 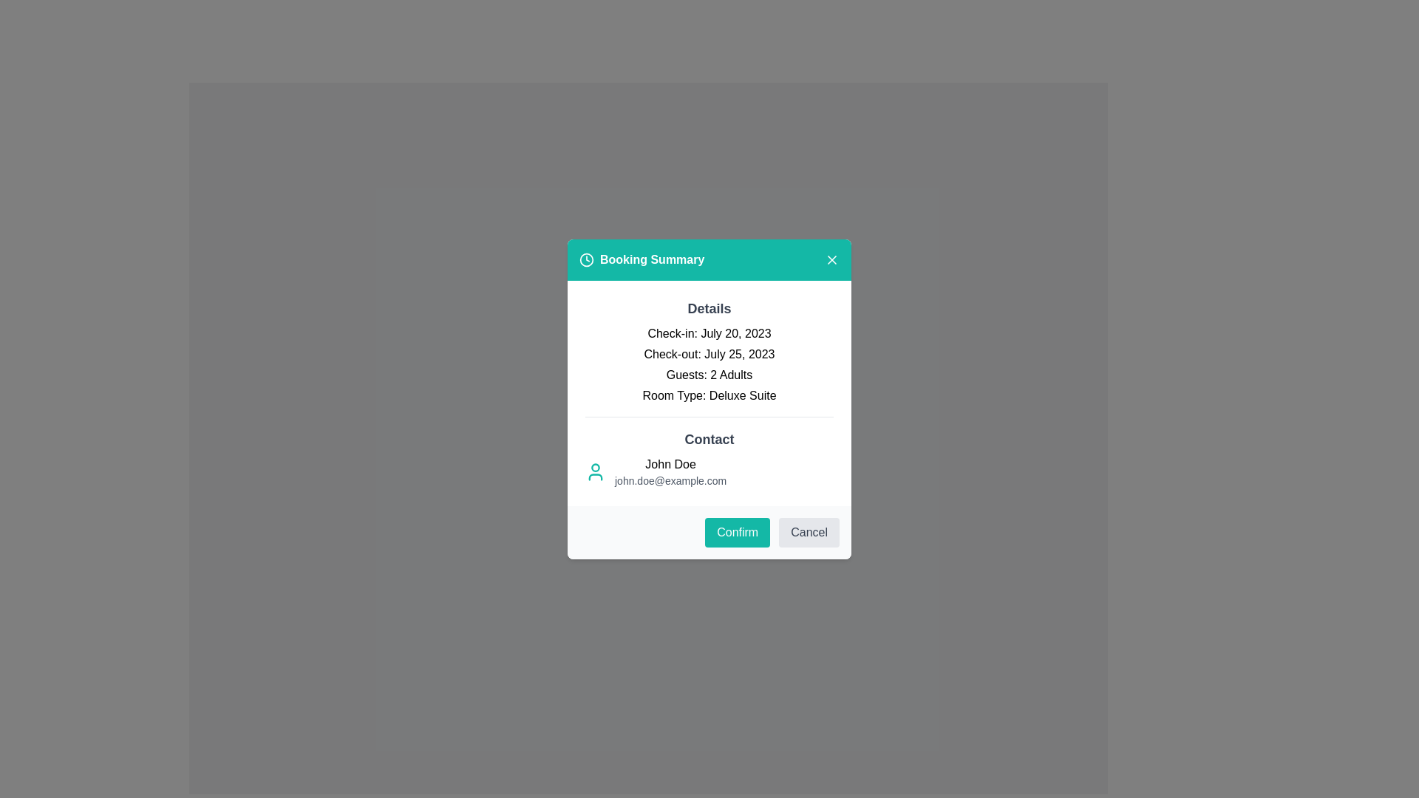 What do you see at coordinates (709, 395) in the screenshot?
I see `the static text element displaying 'Room Type: Deluxe Suite' which is positioned below 'Guests: 2 Adults' in the booking summary` at bounding box center [709, 395].